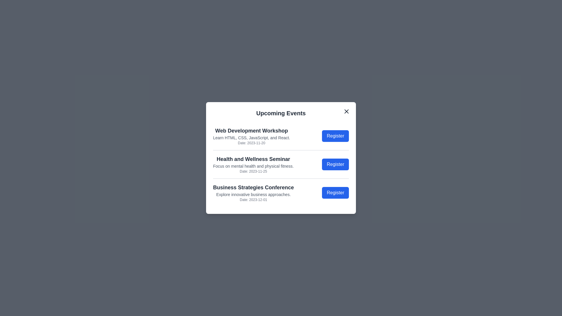 The image size is (562, 316). I want to click on the details of the selected event: Health and Wellness Seminar, so click(253, 164).